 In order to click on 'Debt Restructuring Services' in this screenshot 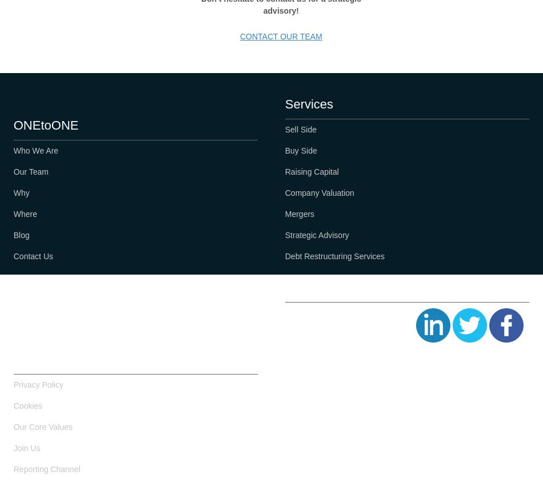, I will do `click(334, 255)`.